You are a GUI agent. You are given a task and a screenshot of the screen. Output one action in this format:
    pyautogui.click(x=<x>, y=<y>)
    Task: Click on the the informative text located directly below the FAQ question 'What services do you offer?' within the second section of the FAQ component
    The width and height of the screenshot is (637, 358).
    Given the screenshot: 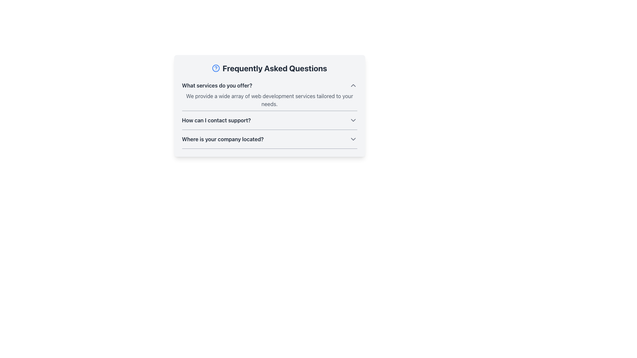 What is the action you would take?
    pyautogui.click(x=269, y=100)
    